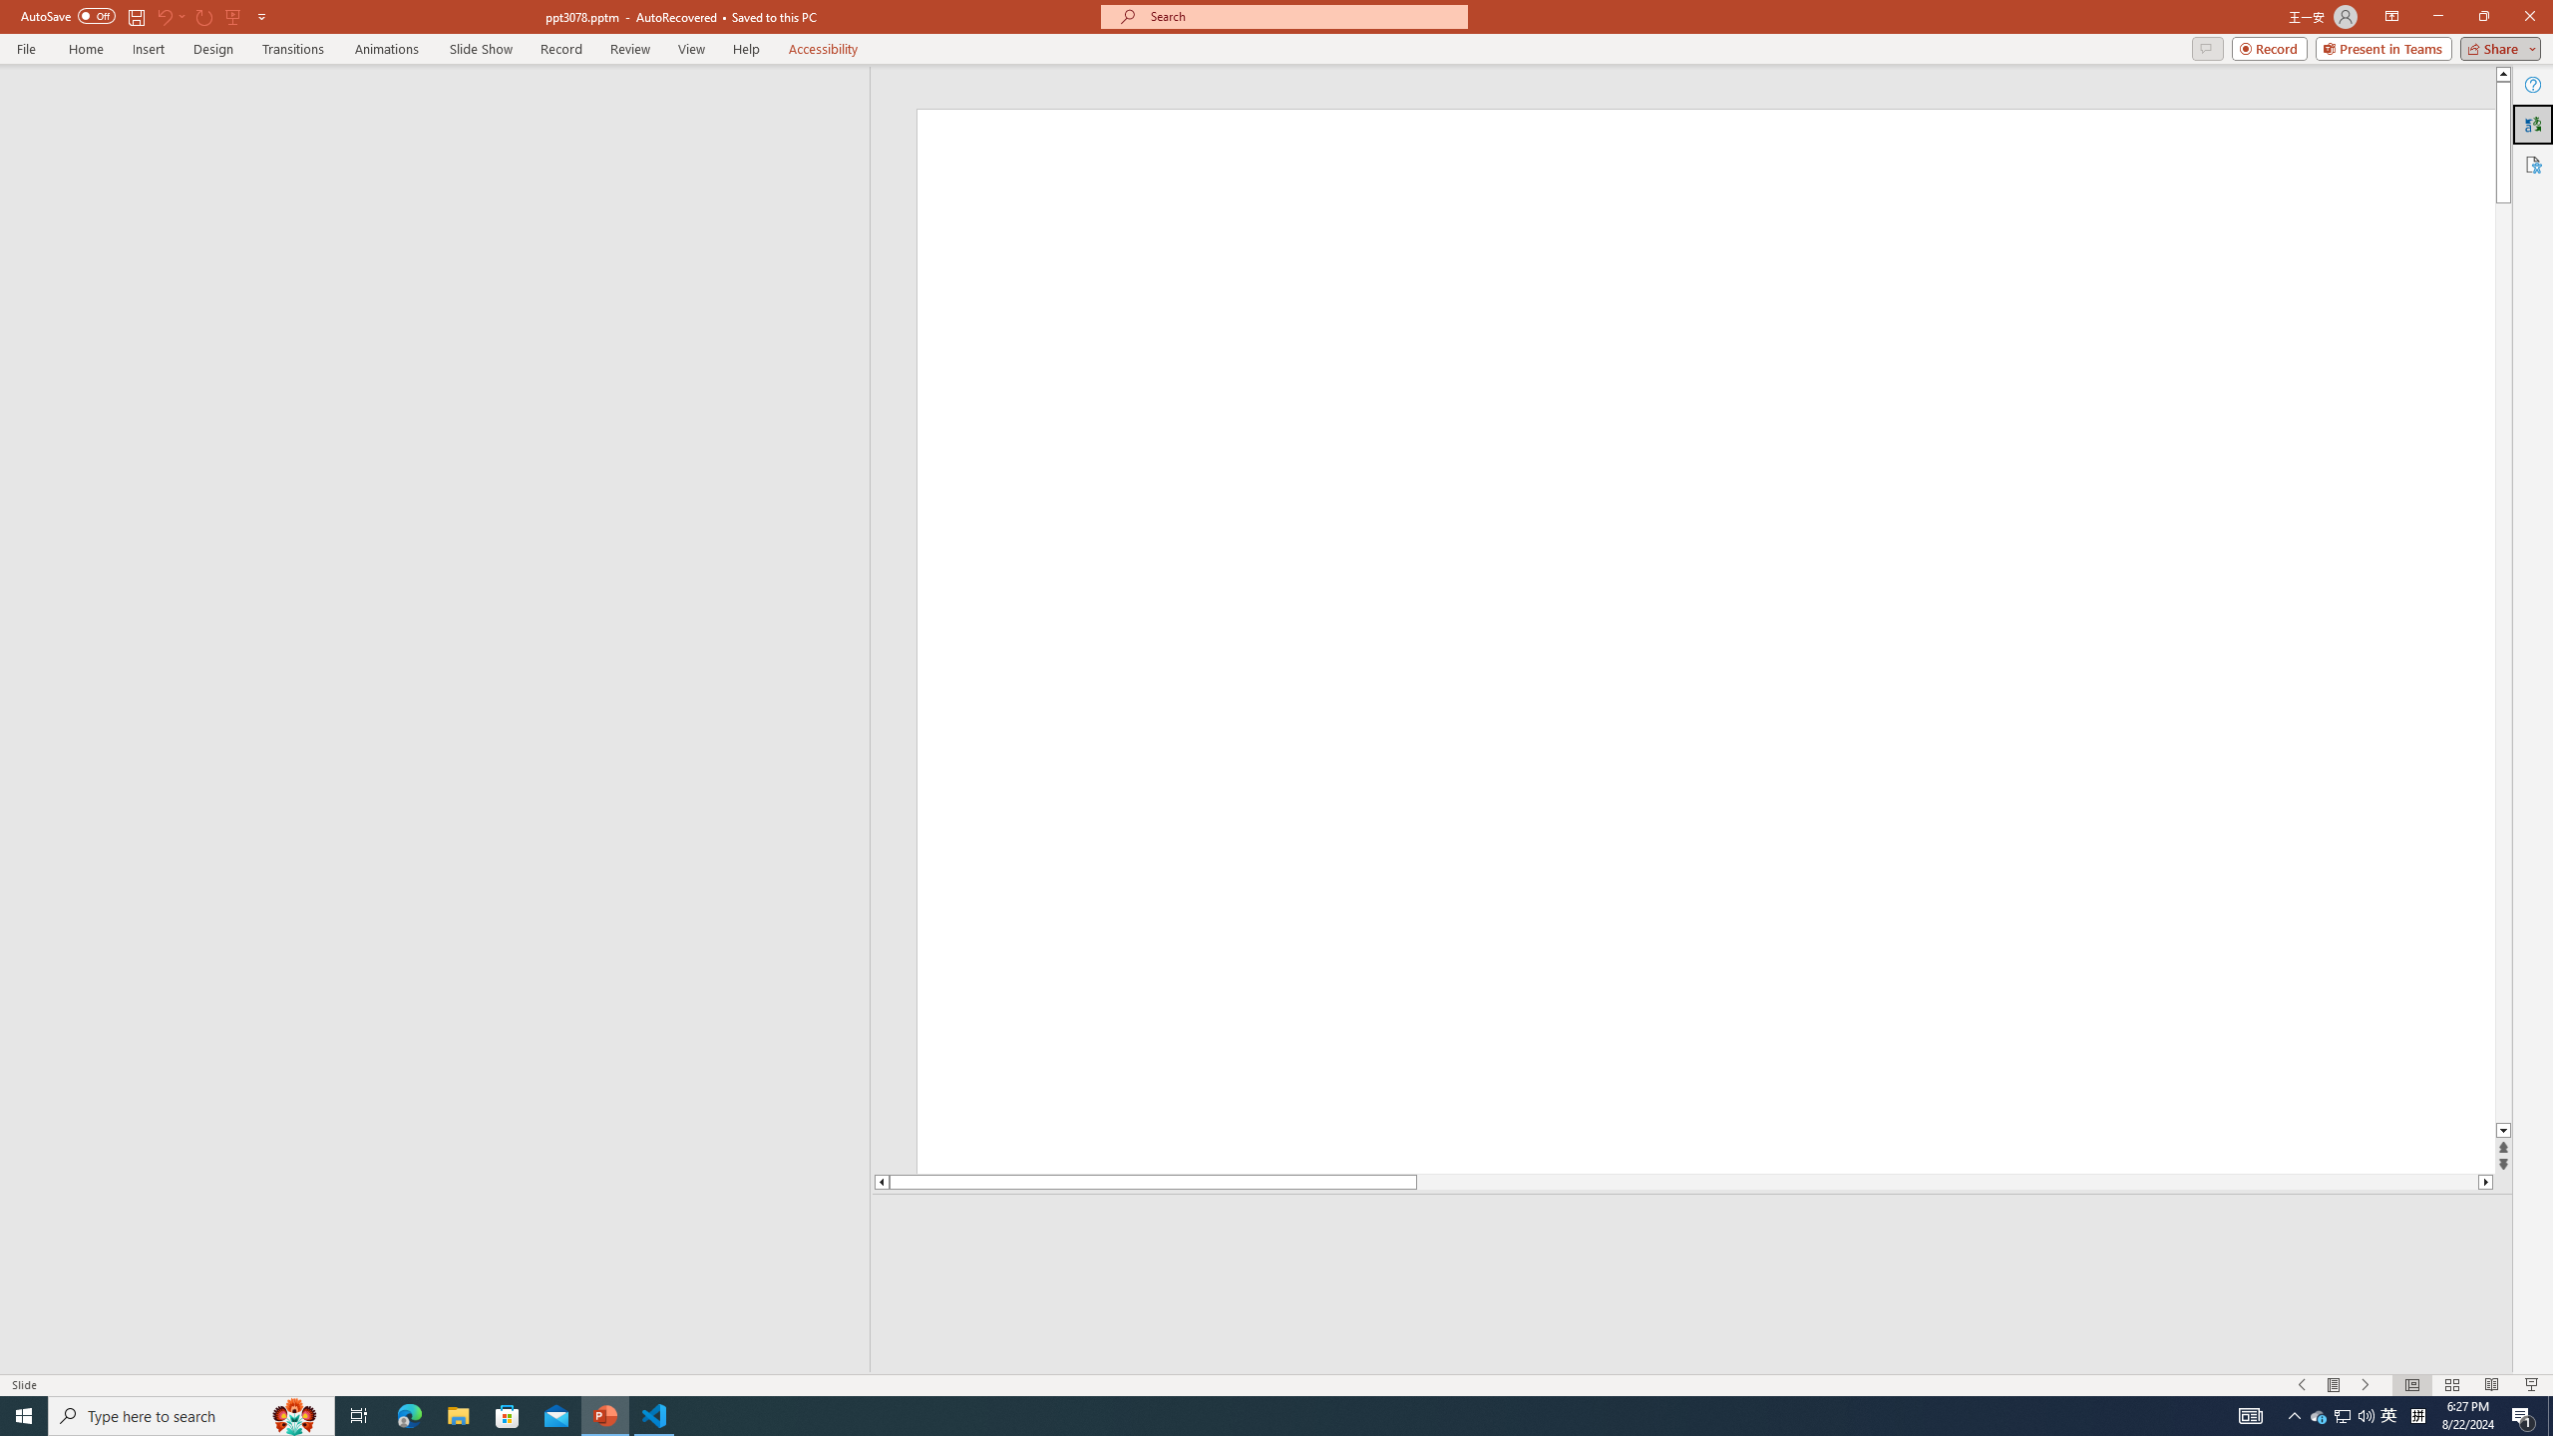  Describe the element at coordinates (2366, 1385) in the screenshot. I see `'Slide Show Next On'` at that location.